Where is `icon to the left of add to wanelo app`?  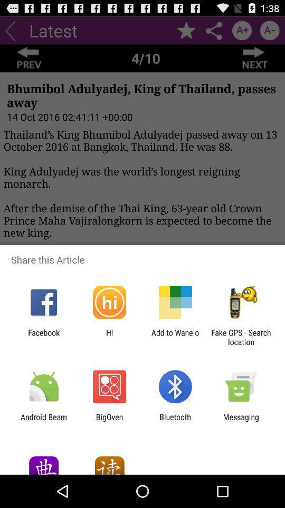 icon to the left of add to wanelo app is located at coordinates (109, 337).